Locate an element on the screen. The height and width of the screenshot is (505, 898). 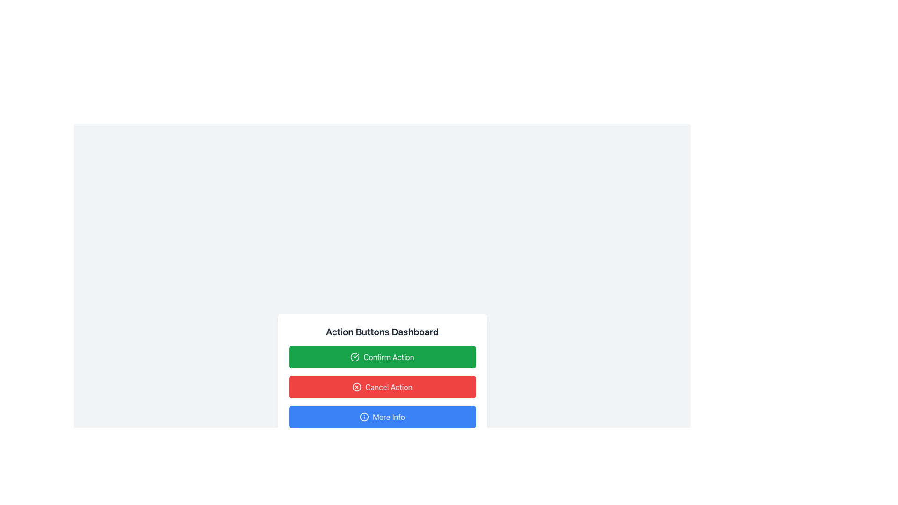
the cancel button located under 'Action Buttons Dashboard' is located at coordinates (382, 376).